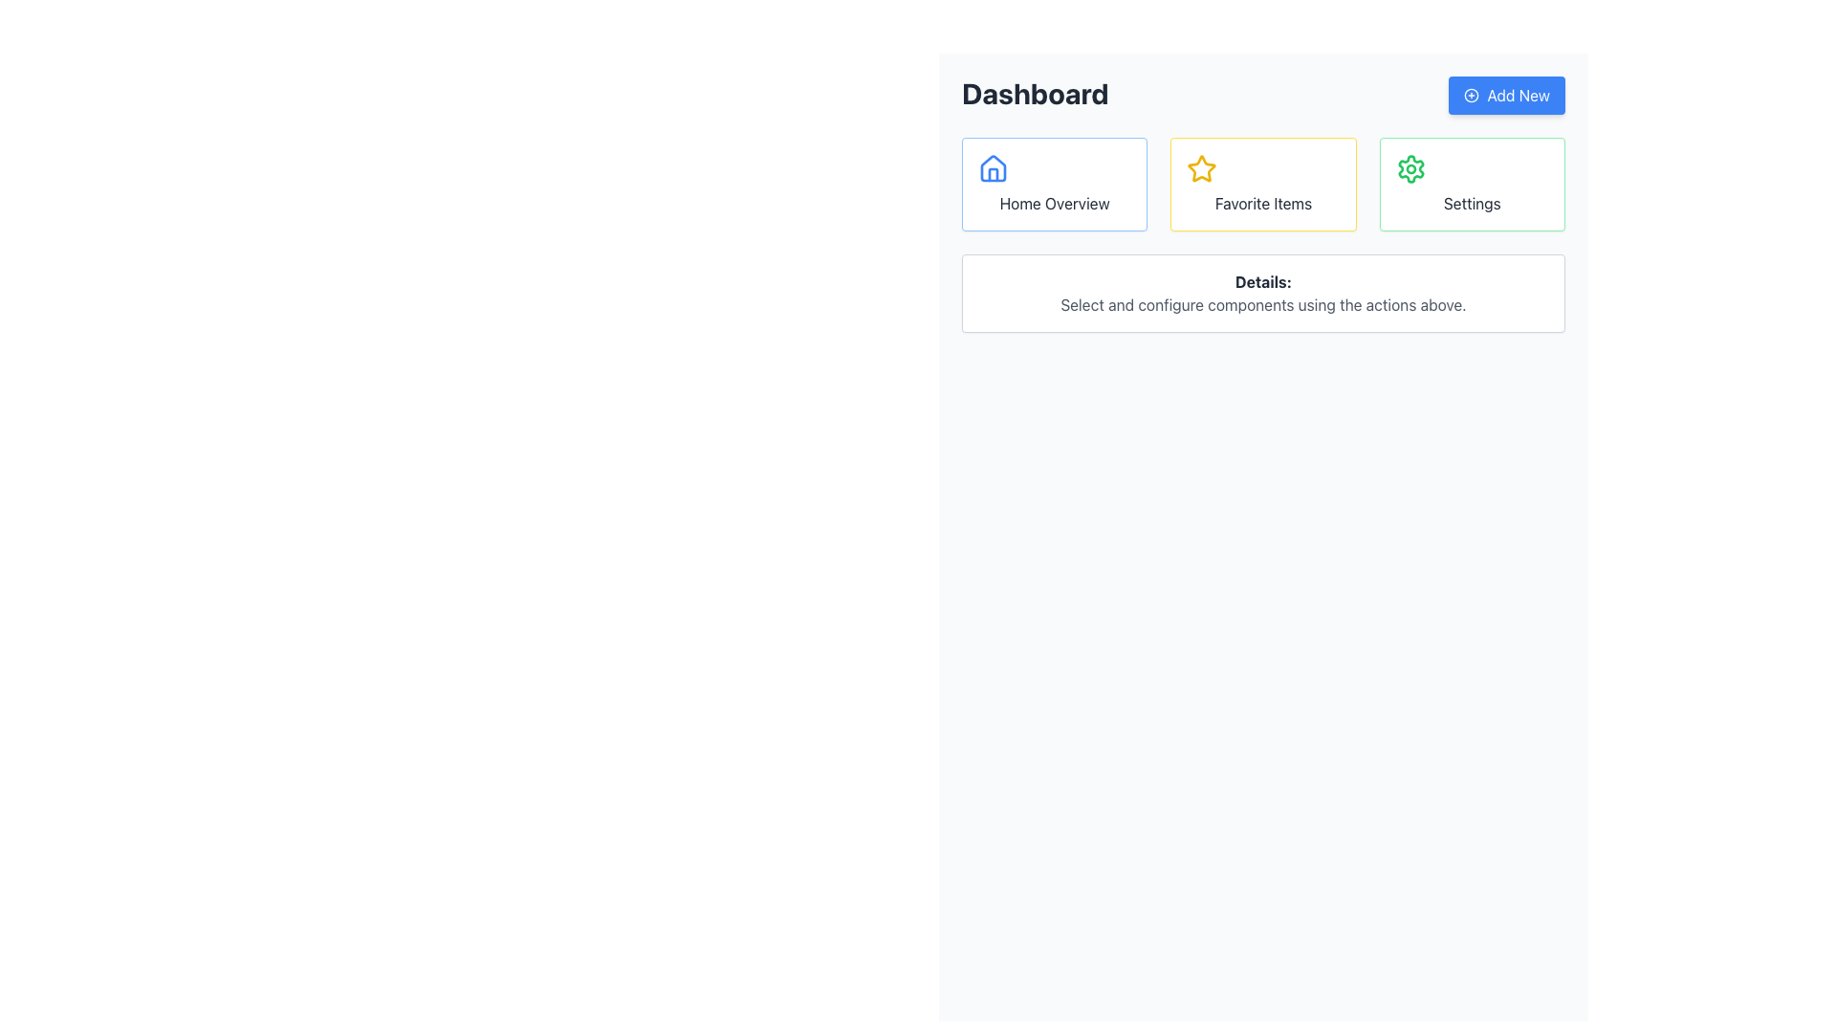  Describe the element at coordinates (1263, 281) in the screenshot. I see `the bold text label reading 'Details:' which is styled in dark gray and positioned at the top of a bordered section` at that location.